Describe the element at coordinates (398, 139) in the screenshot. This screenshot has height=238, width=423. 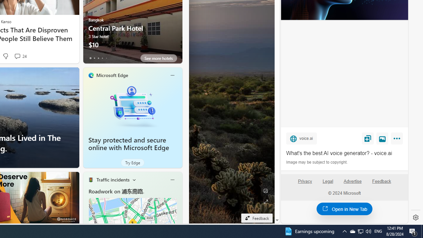
I see `'More'` at that location.